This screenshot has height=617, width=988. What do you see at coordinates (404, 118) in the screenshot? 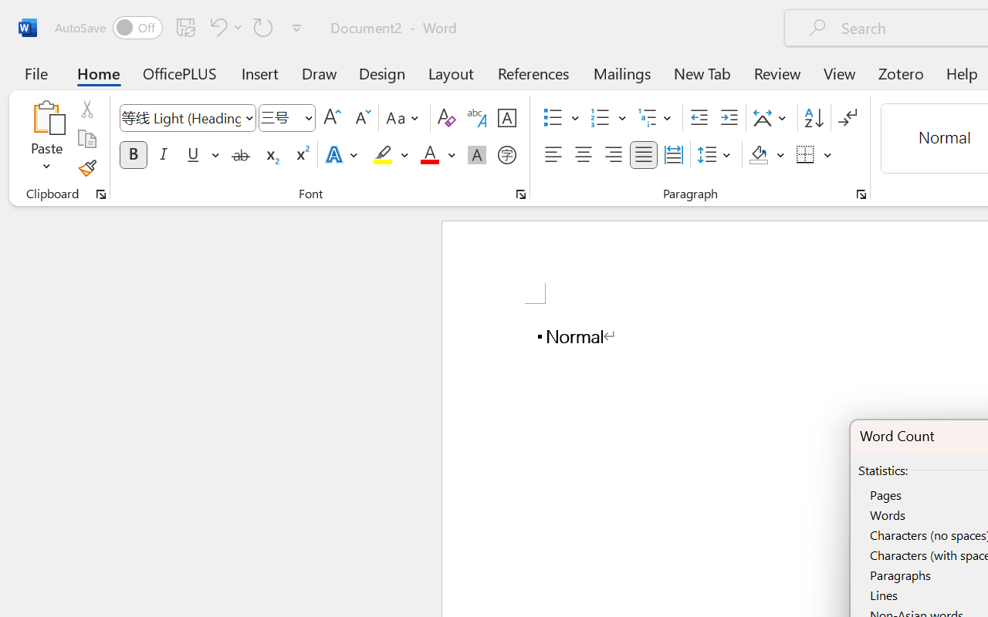
I see `'Change Case'` at bounding box center [404, 118].